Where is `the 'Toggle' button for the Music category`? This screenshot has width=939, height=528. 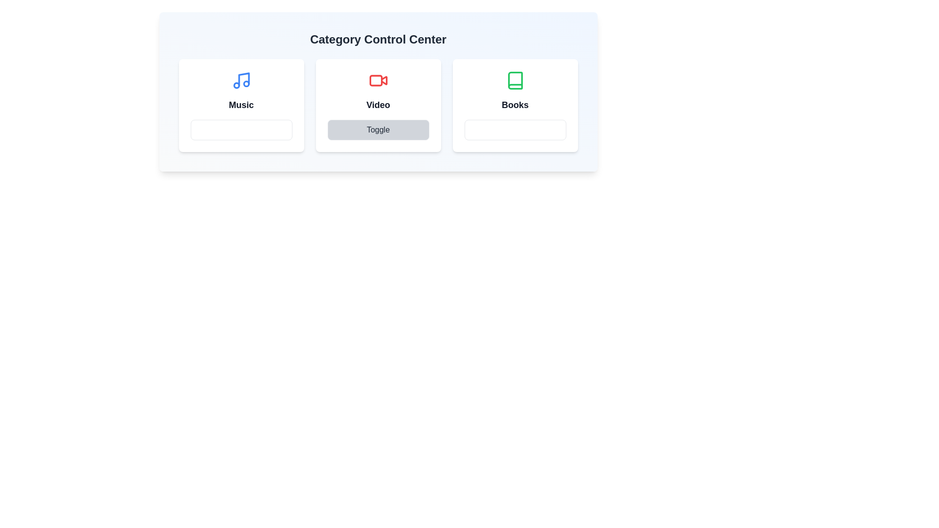
the 'Toggle' button for the Music category is located at coordinates (241, 130).